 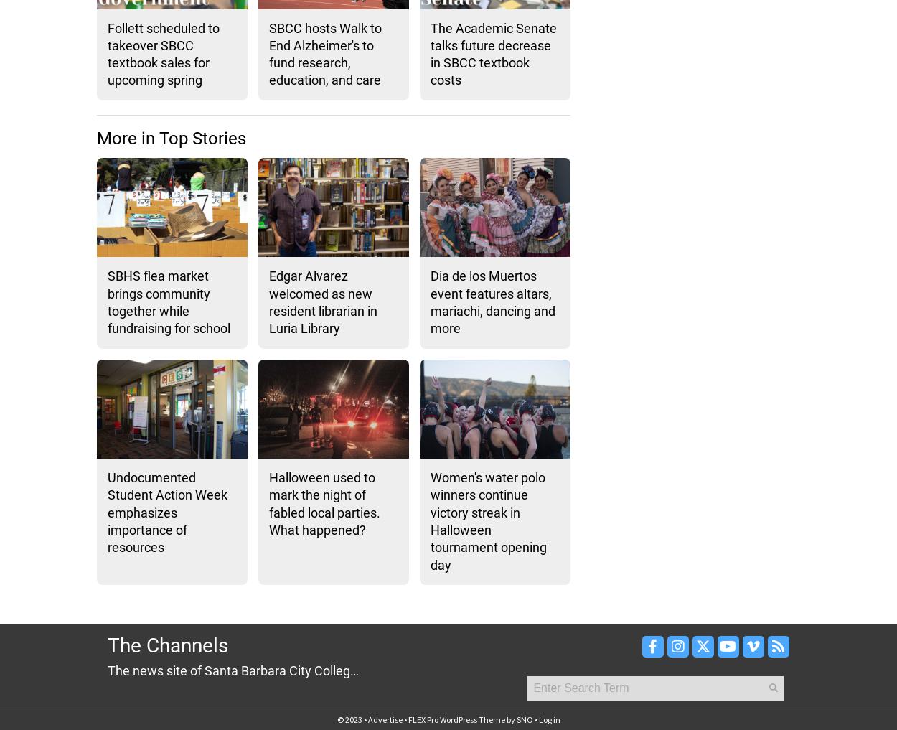 I want to click on 'SBCC hosts Walk to End Alzheimer's to fund research, education, and care', so click(x=324, y=53).